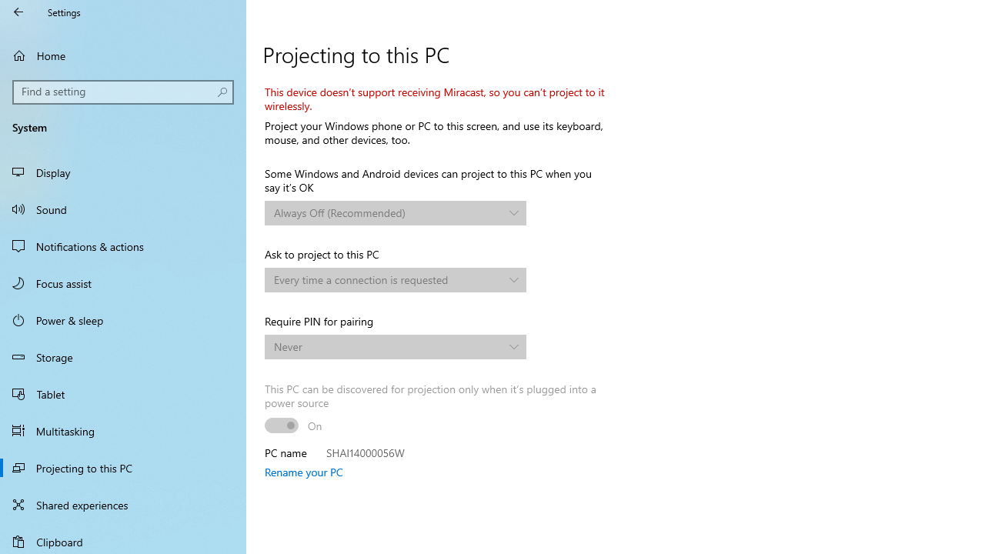 Image resolution: width=985 pixels, height=554 pixels. I want to click on 'Require PIN for pairing', so click(395, 347).